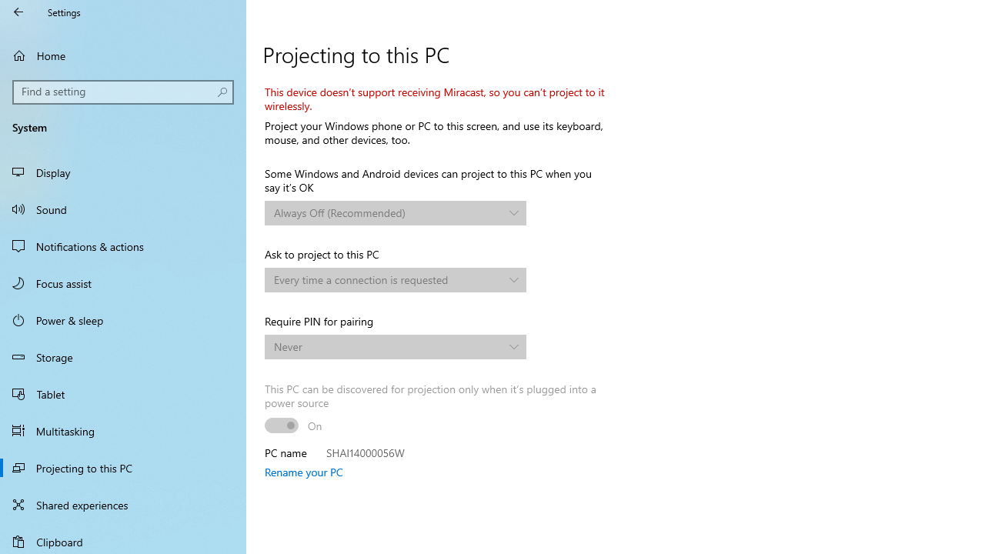 Image resolution: width=985 pixels, height=554 pixels. I want to click on 'Require PIN for pairing', so click(395, 347).